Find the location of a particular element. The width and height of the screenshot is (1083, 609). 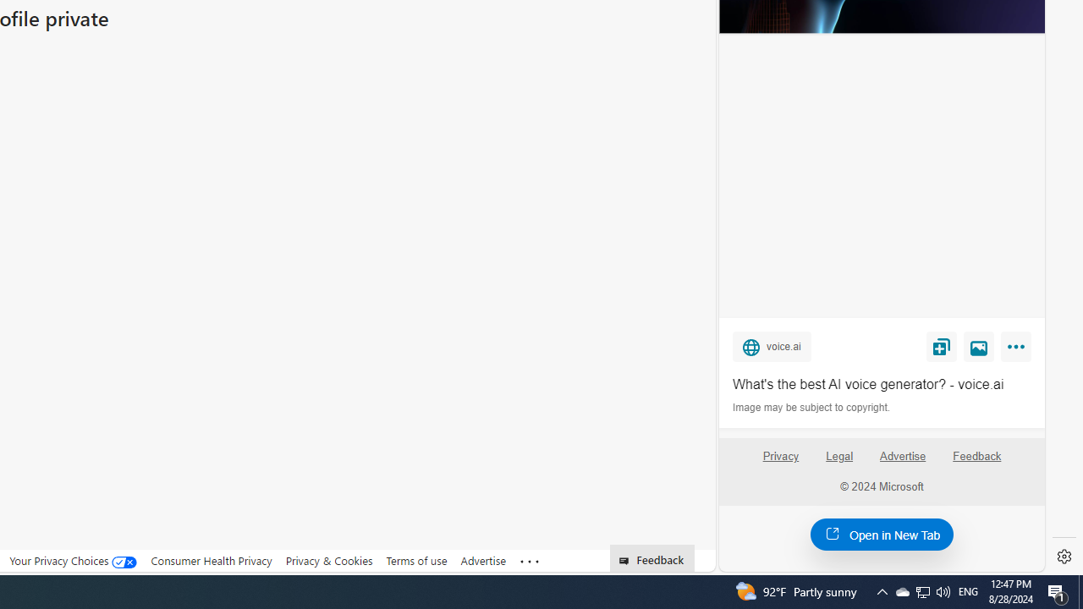

'Save' is located at coordinates (940, 345).